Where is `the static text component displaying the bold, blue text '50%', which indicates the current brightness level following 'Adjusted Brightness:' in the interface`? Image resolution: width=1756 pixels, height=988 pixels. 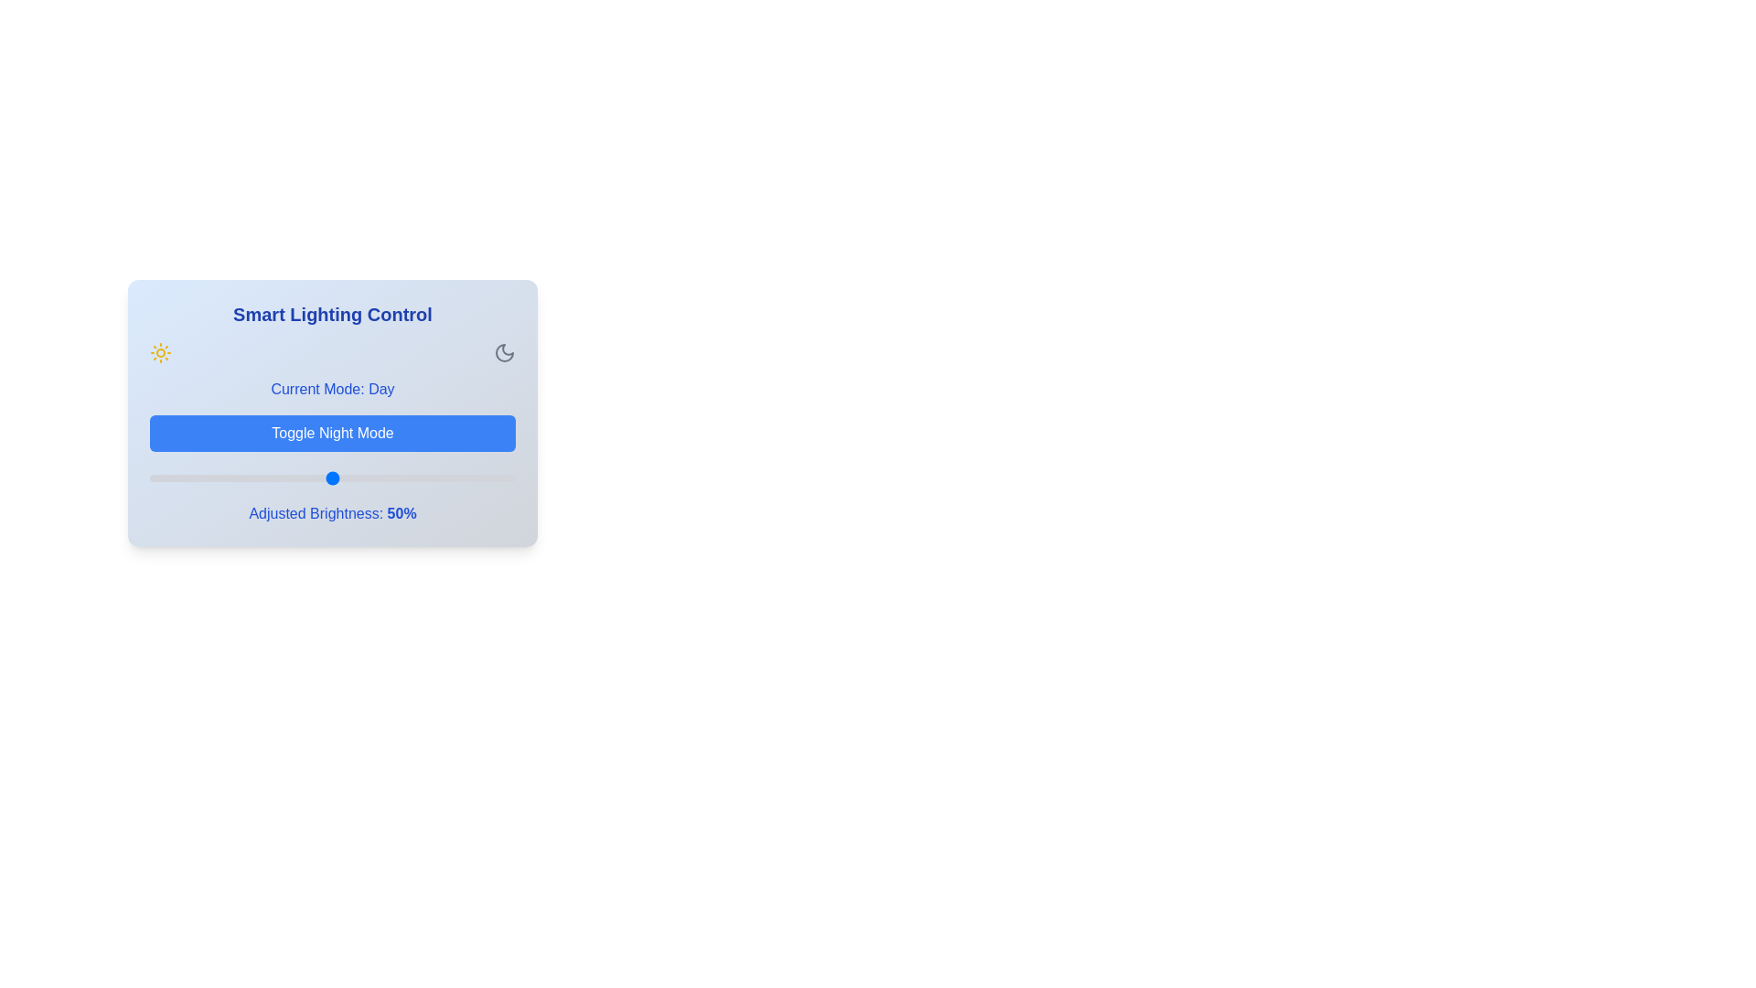 the static text component displaying the bold, blue text '50%', which indicates the current brightness level following 'Adjusted Brightness:' in the interface is located at coordinates (401, 513).